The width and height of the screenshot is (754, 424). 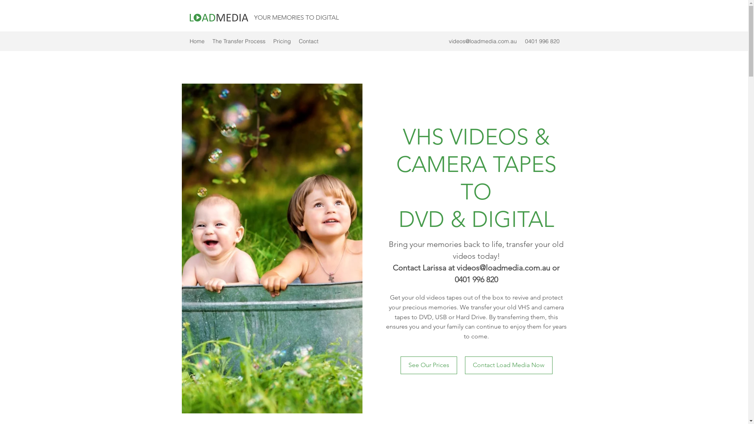 What do you see at coordinates (308, 41) in the screenshot?
I see `'Contact'` at bounding box center [308, 41].